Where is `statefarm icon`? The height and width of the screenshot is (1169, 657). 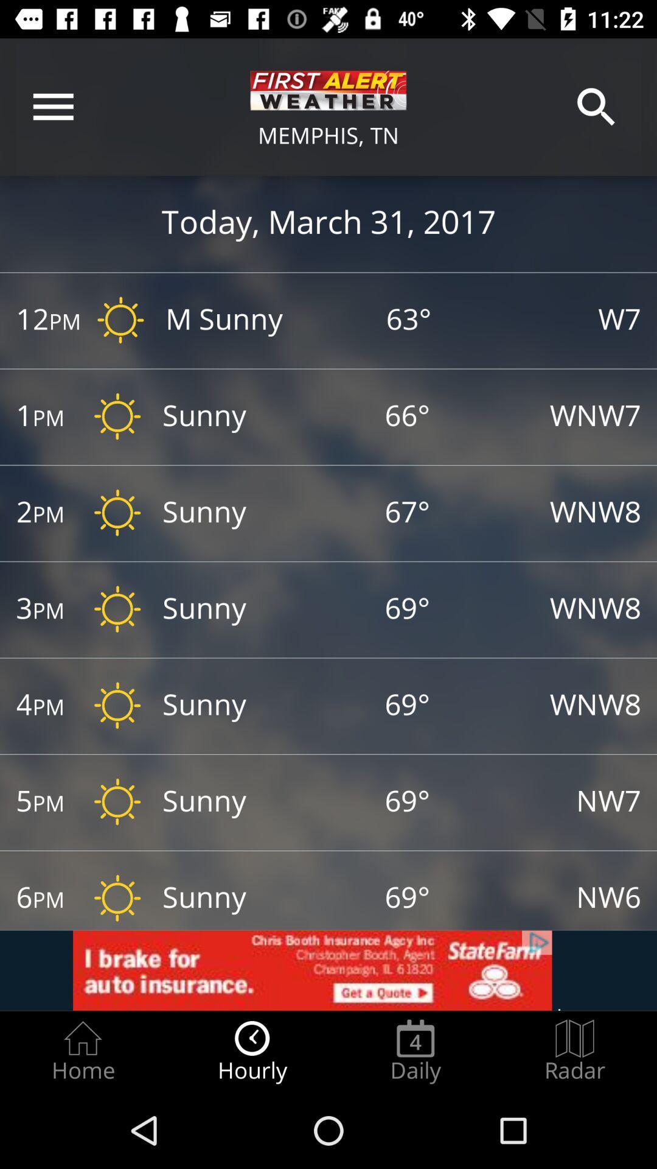
statefarm icon is located at coordinates (328, 970).